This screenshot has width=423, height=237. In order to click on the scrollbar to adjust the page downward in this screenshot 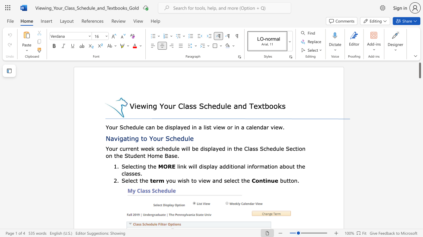, I will do `click(419, 217)`.